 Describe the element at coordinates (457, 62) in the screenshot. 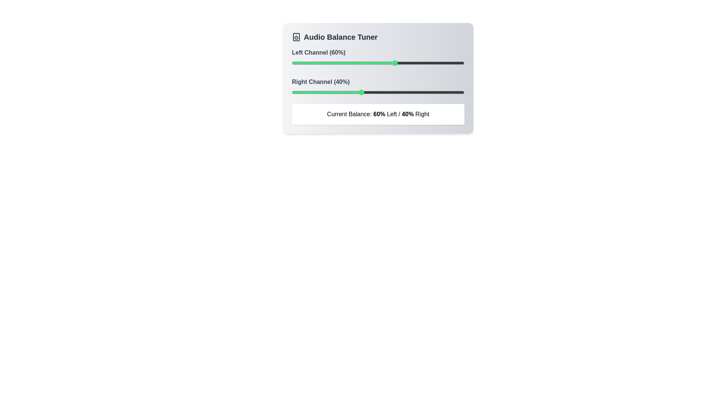

I see `the left channel balance to 96% using the slider` at that location.